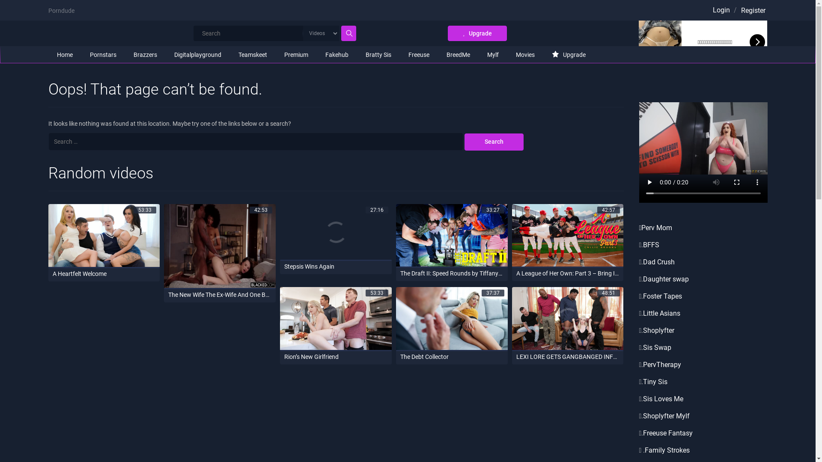 The height and width of the screenshot is (462, 822). I want to click on 'Shoplyfter', so click(643, 330).